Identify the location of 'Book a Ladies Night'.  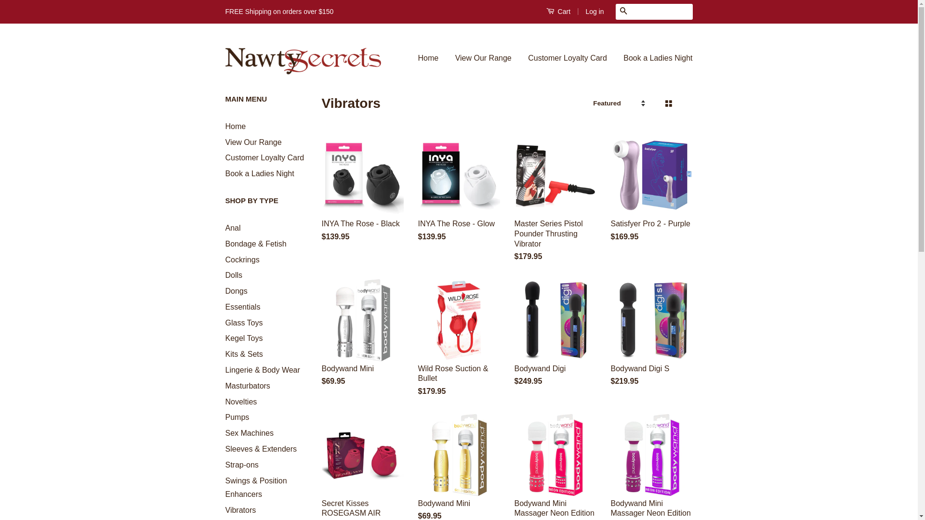
(260, 173).